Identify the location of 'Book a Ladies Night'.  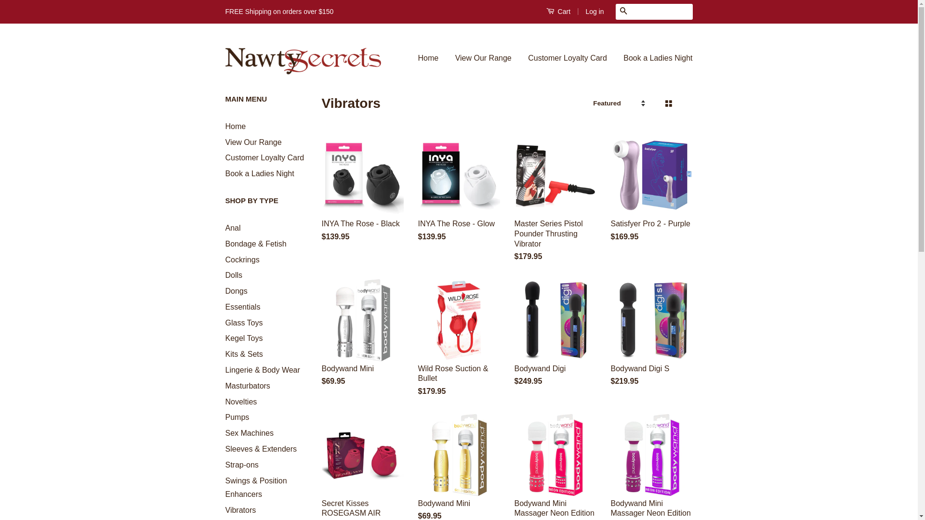
(260, 173).